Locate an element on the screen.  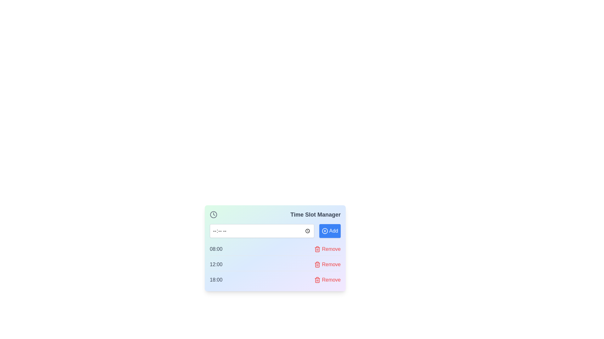
the circular icon with a plus sign located within the 'Add' button in the top-right corner of the 'Time Slot Manager' interface is located at coordinates (325, 231).